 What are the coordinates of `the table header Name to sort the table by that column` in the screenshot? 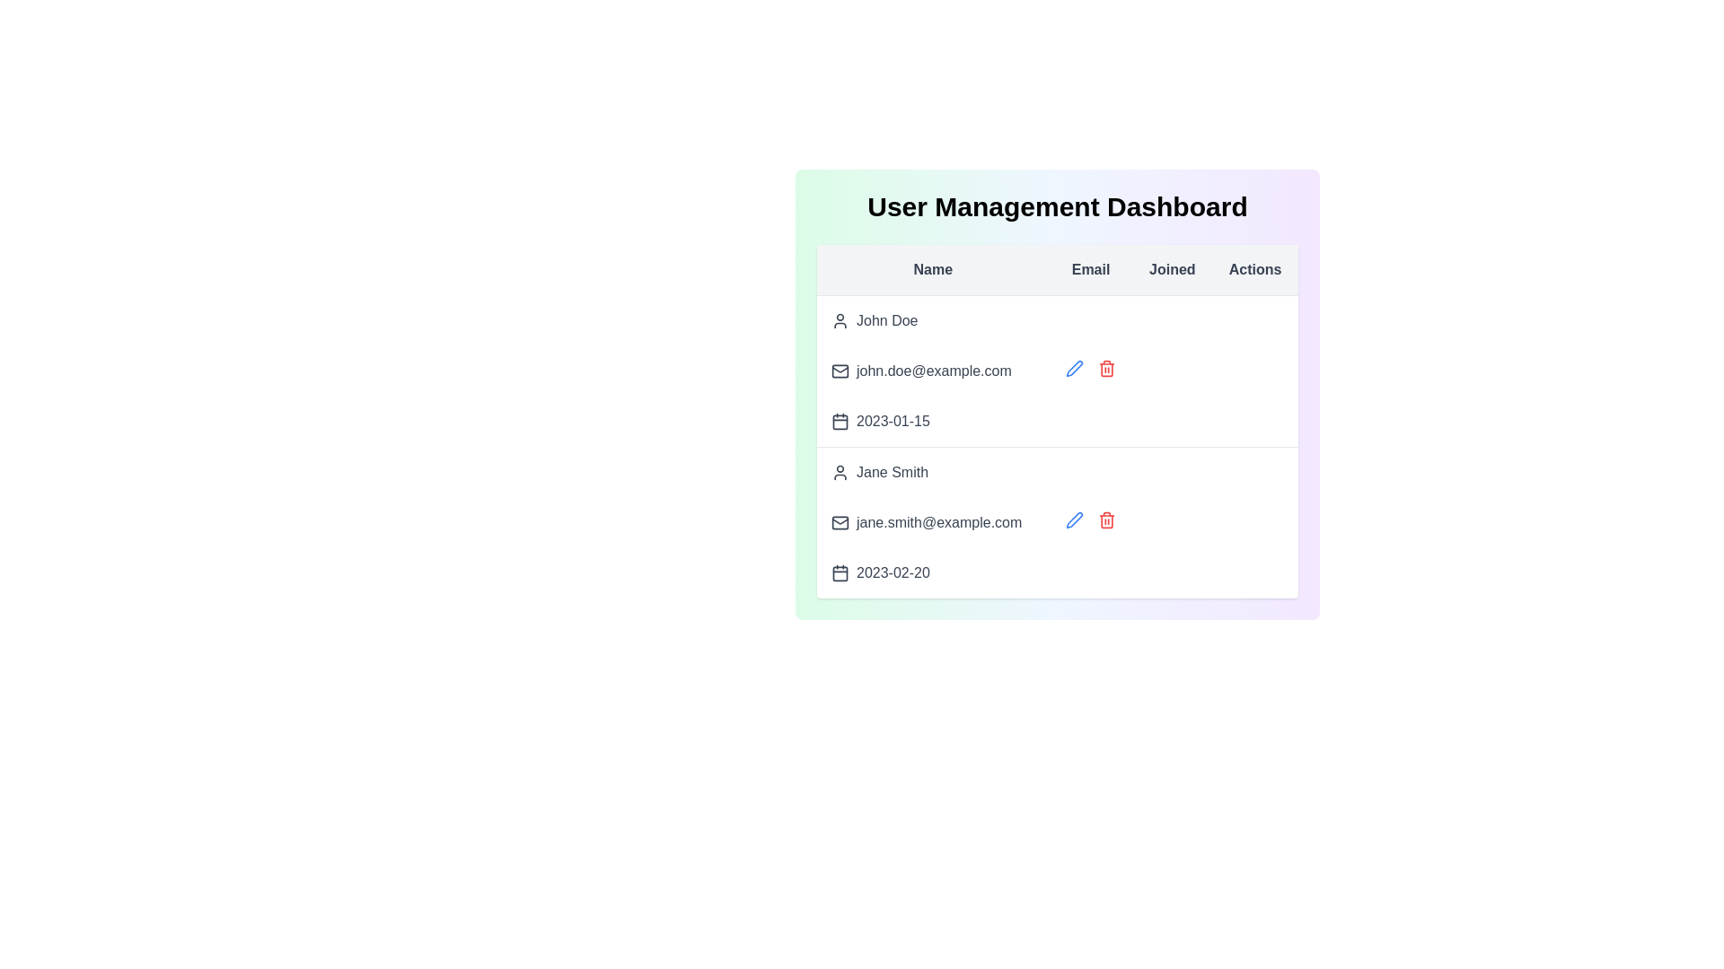 It's located at (932, 269).